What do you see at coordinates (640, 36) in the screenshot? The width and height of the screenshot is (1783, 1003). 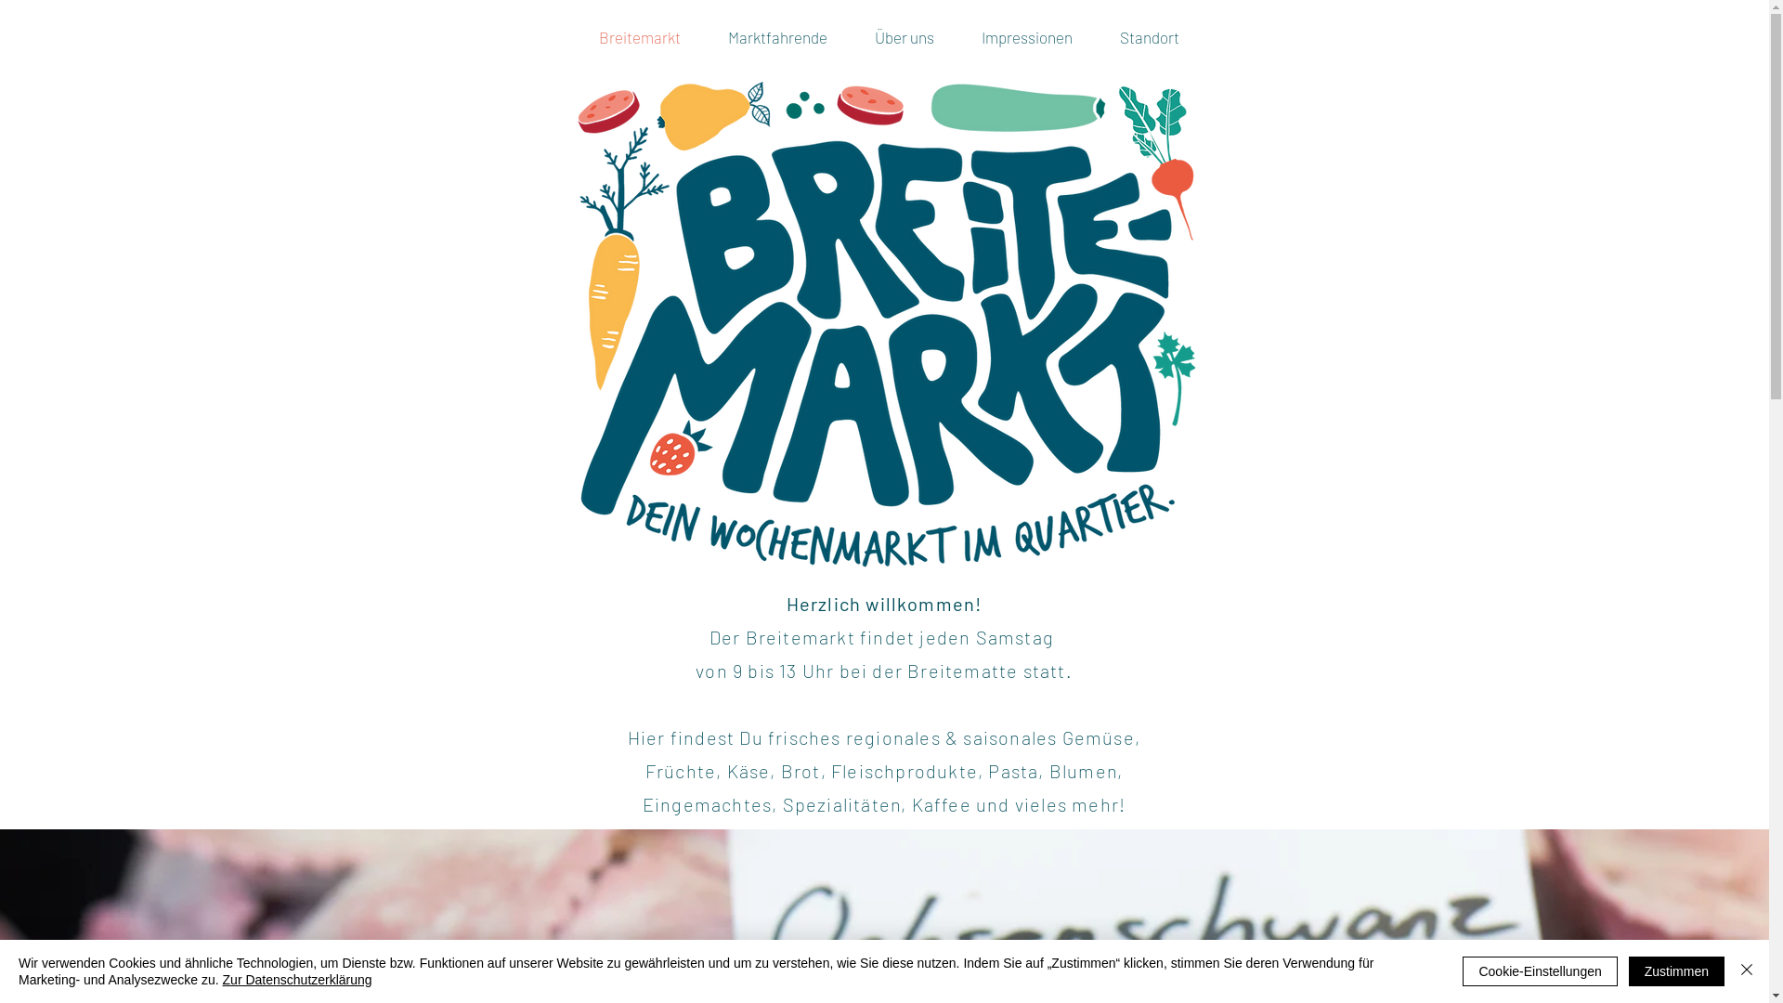 I see `'Breitemarkt'` at bounding box center [640, 36].